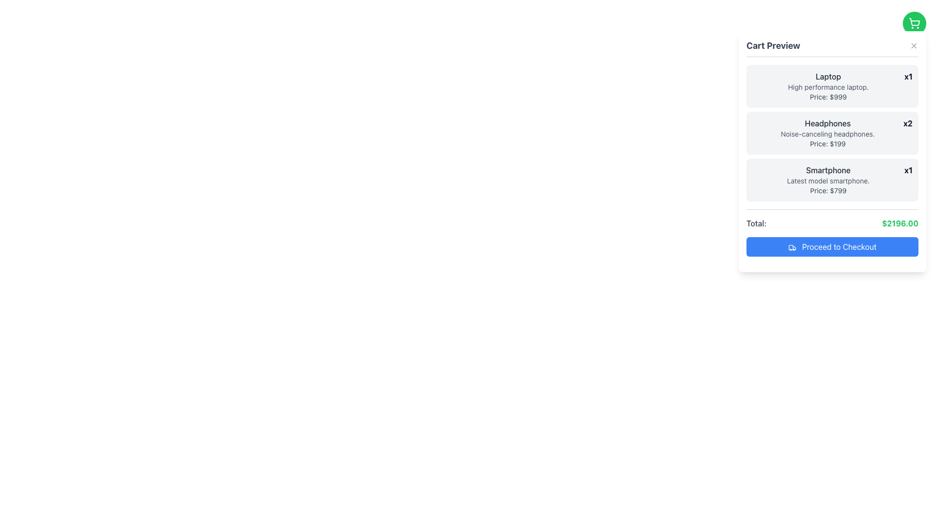 This screenshot has height=527, width=938. What do you see at coordinates (914, 45) in the screenshot?
I see `the small 'X' shaped button located at the top-right corner of the 'Cart Preview' section` at bounding box center [914, 45].